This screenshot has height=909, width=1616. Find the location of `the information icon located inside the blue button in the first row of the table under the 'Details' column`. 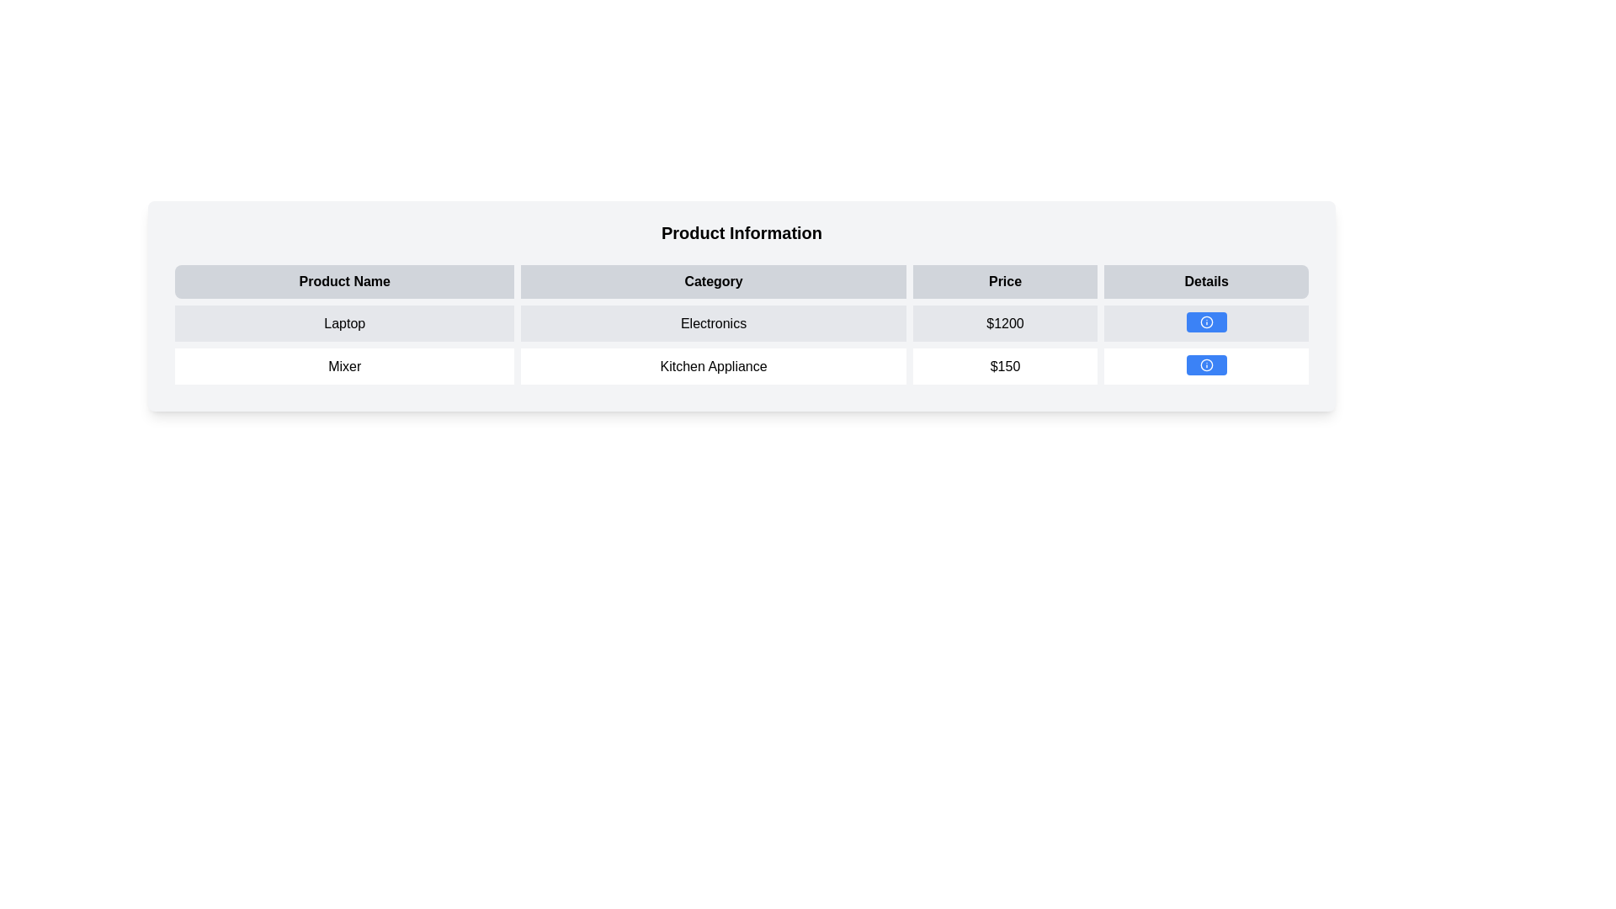

the information icon located inside the blue button in the first row of the table under the 'Details' column is located at coordinates (1205, 322).